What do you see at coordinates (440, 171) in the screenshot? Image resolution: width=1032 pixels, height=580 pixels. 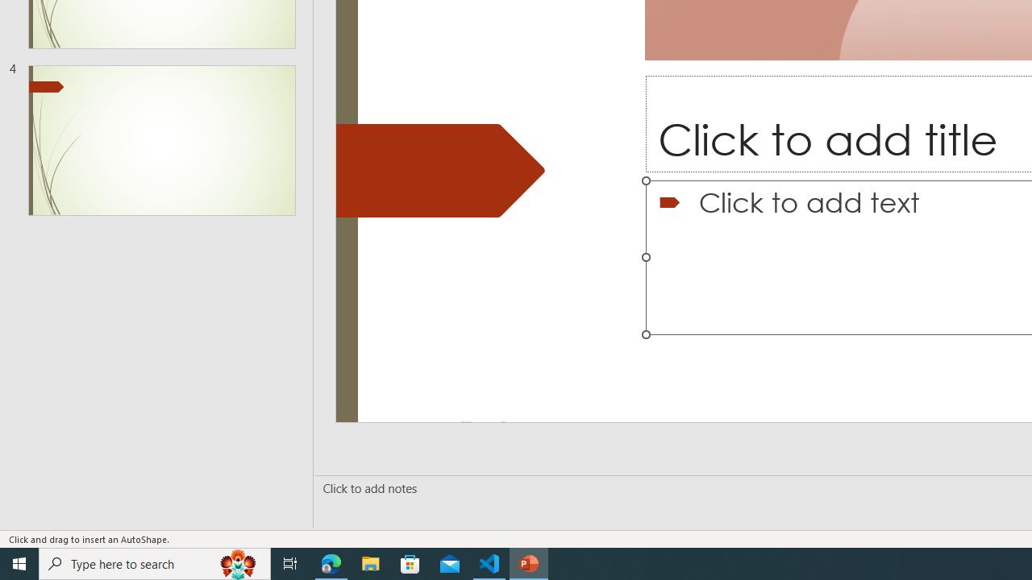 I see `'Decorative Locked'` at bounding box center [440, 171].